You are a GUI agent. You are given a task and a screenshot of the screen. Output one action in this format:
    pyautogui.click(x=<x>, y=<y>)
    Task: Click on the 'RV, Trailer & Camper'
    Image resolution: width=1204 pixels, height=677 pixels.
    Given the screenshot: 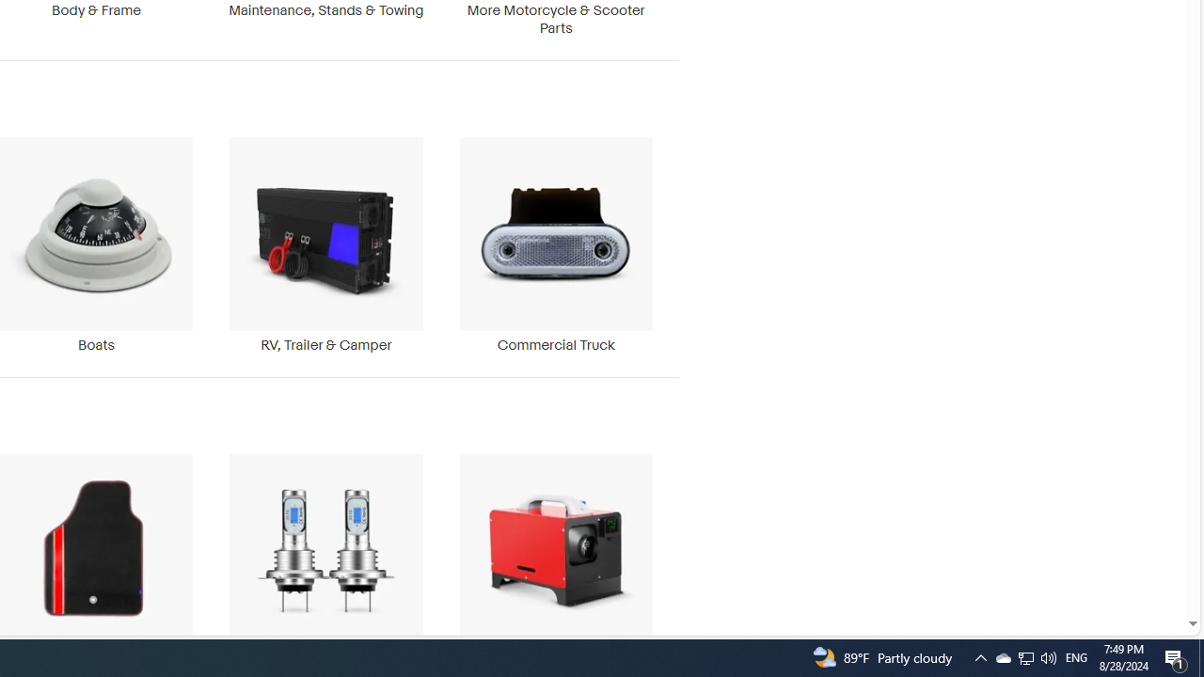 What is the action you would take?
    pyautogui.click(x=325, y=244)
    